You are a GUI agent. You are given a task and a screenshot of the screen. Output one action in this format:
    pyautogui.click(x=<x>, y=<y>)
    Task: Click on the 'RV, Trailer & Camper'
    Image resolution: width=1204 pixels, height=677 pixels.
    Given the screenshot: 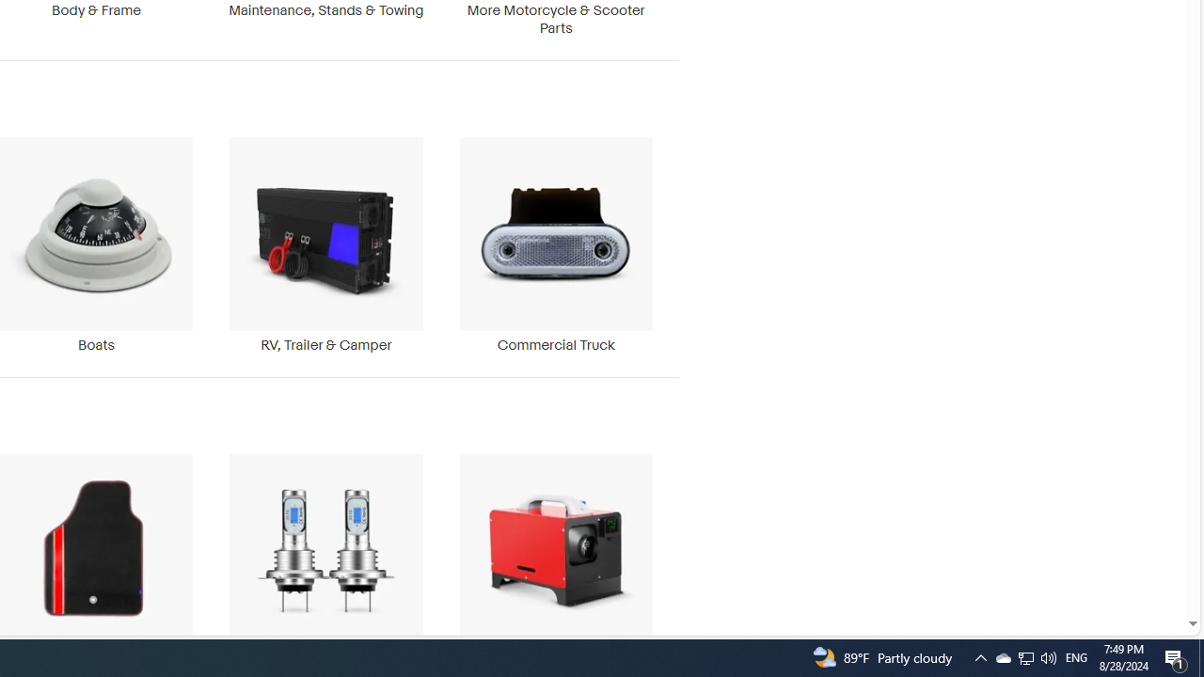 What is the action you would take?
    pyautogui.click(x=325, y=244)
    